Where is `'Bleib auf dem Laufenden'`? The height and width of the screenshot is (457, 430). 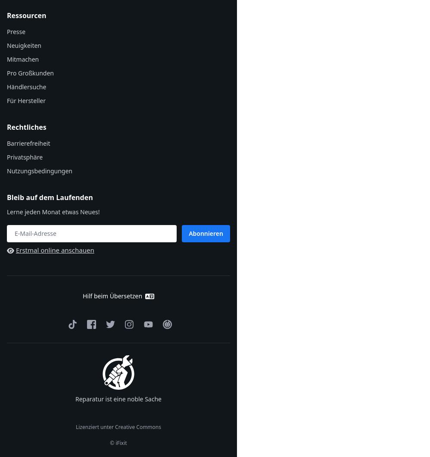
'Bleib auf dem Laufenden' is located at coordinates (50, 196).